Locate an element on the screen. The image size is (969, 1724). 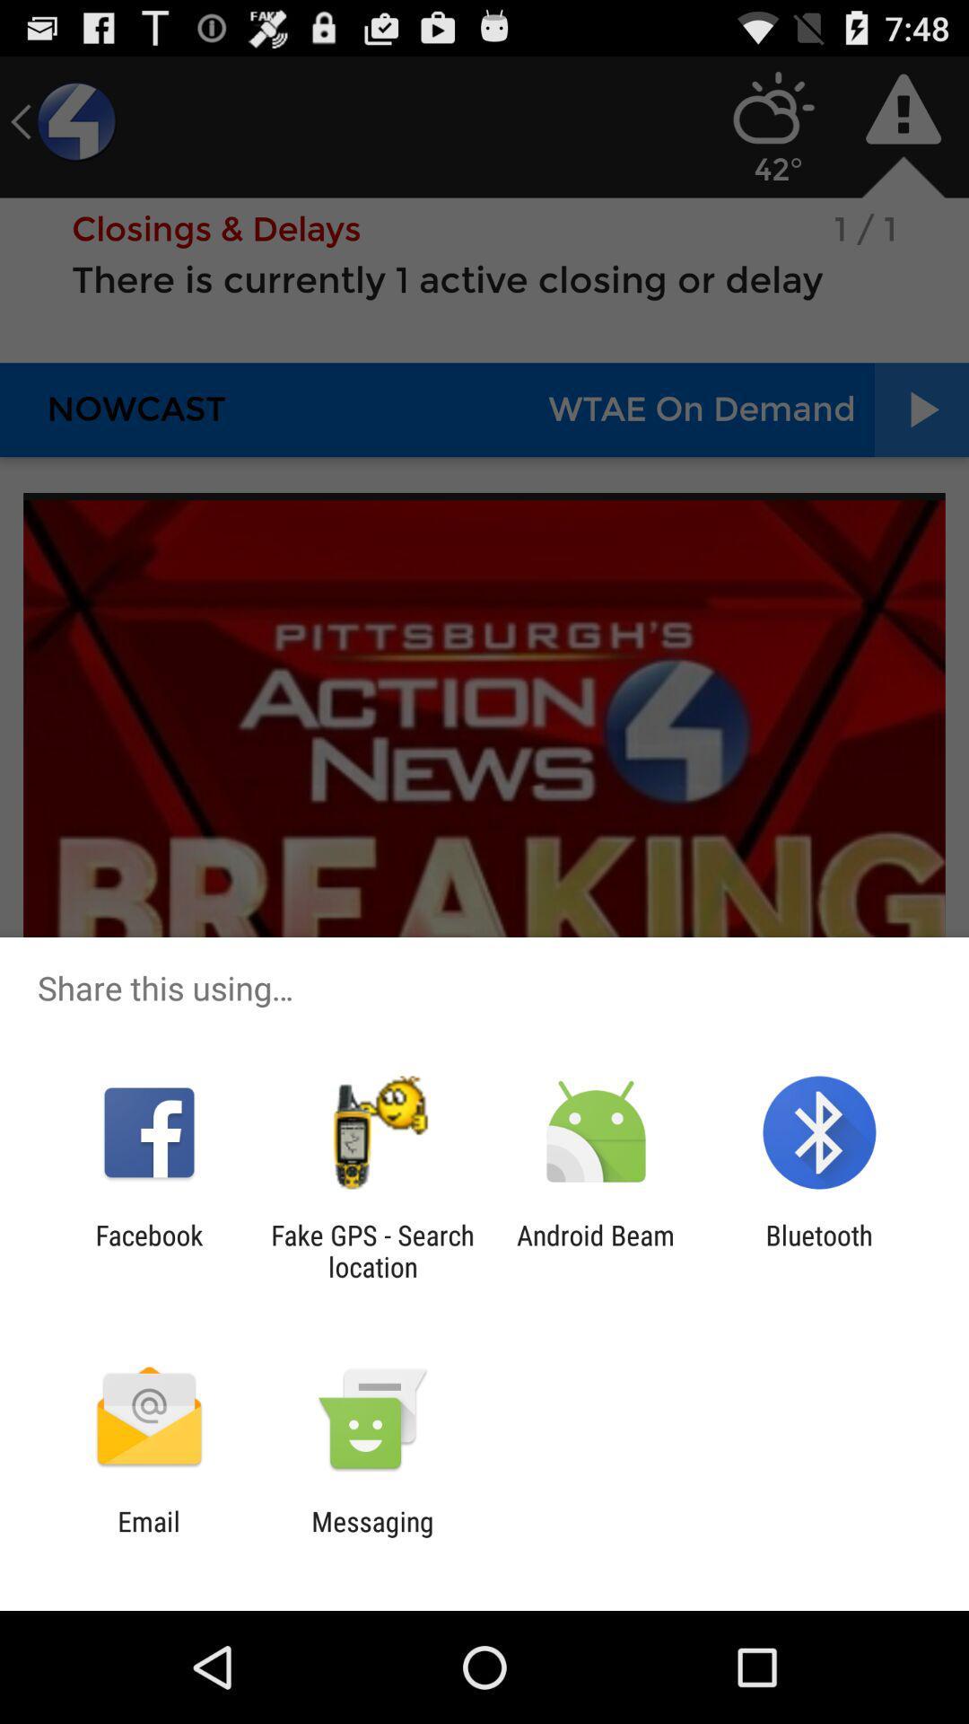
the icon next to the email is located at coordinates (371, 1536).